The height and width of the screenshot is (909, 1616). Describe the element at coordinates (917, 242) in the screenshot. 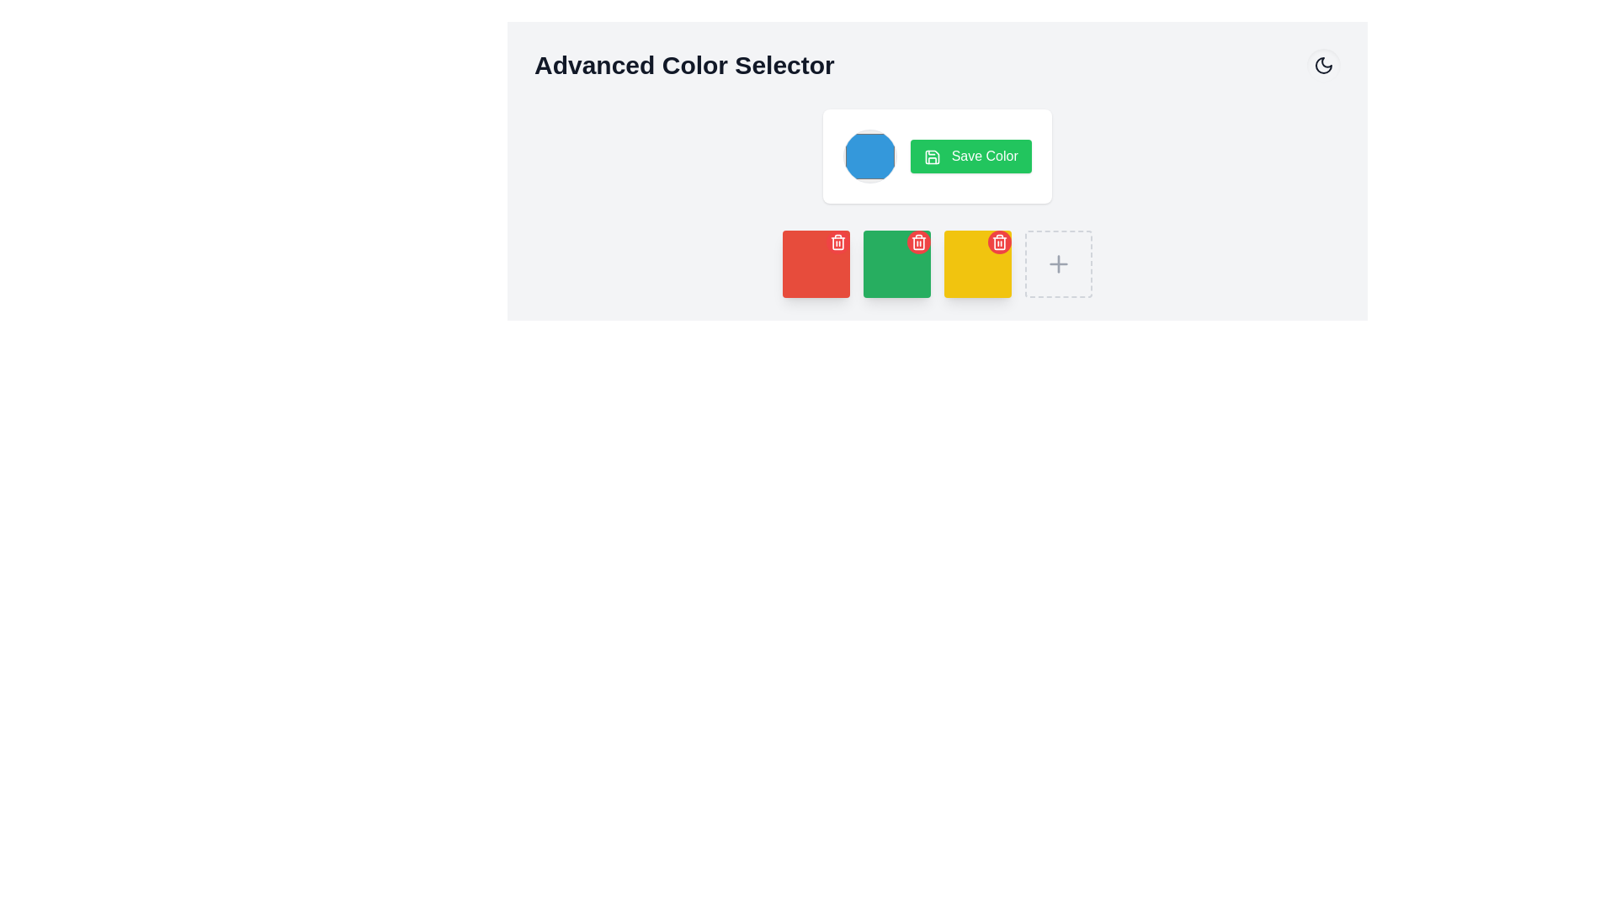

I see `the small circular button with a red background and a white trash can icon located at the top-right corner of the second green square in the row of color squares` at that location.